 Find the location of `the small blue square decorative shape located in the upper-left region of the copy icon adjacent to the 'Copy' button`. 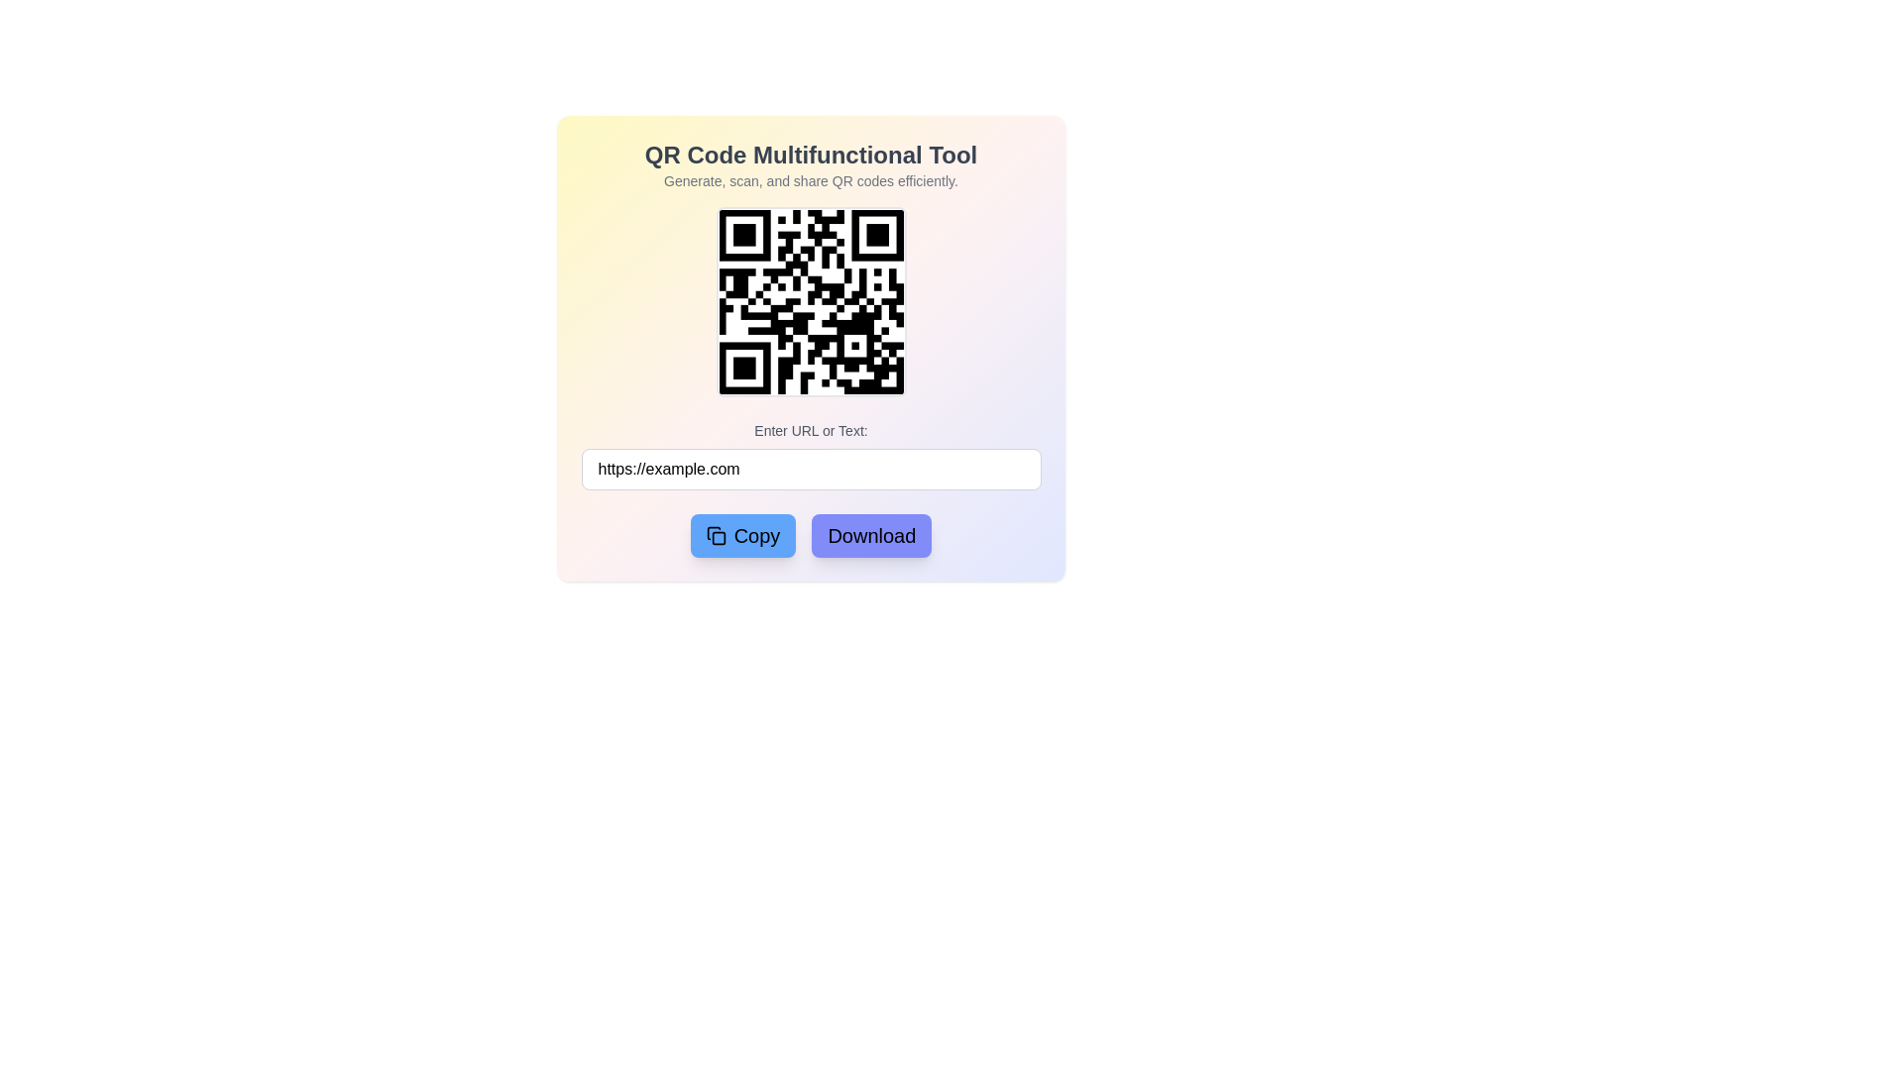

the small blue square decorative shape located in the upper-left region of the copy icon adjacent to the 'Copy' button is located at coordinates (718, 538).